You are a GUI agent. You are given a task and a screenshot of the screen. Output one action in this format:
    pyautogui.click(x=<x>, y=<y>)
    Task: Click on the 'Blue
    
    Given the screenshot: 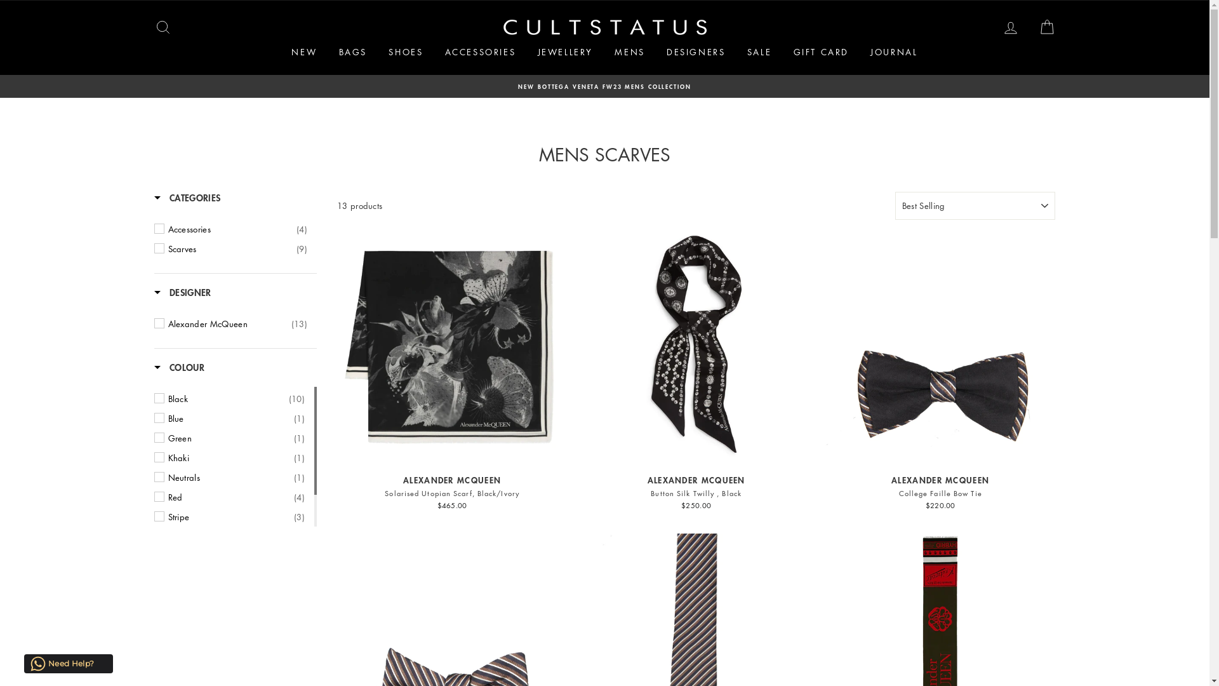 What is the action you would take?
    pyautogui.click(x=236, y=419)
    